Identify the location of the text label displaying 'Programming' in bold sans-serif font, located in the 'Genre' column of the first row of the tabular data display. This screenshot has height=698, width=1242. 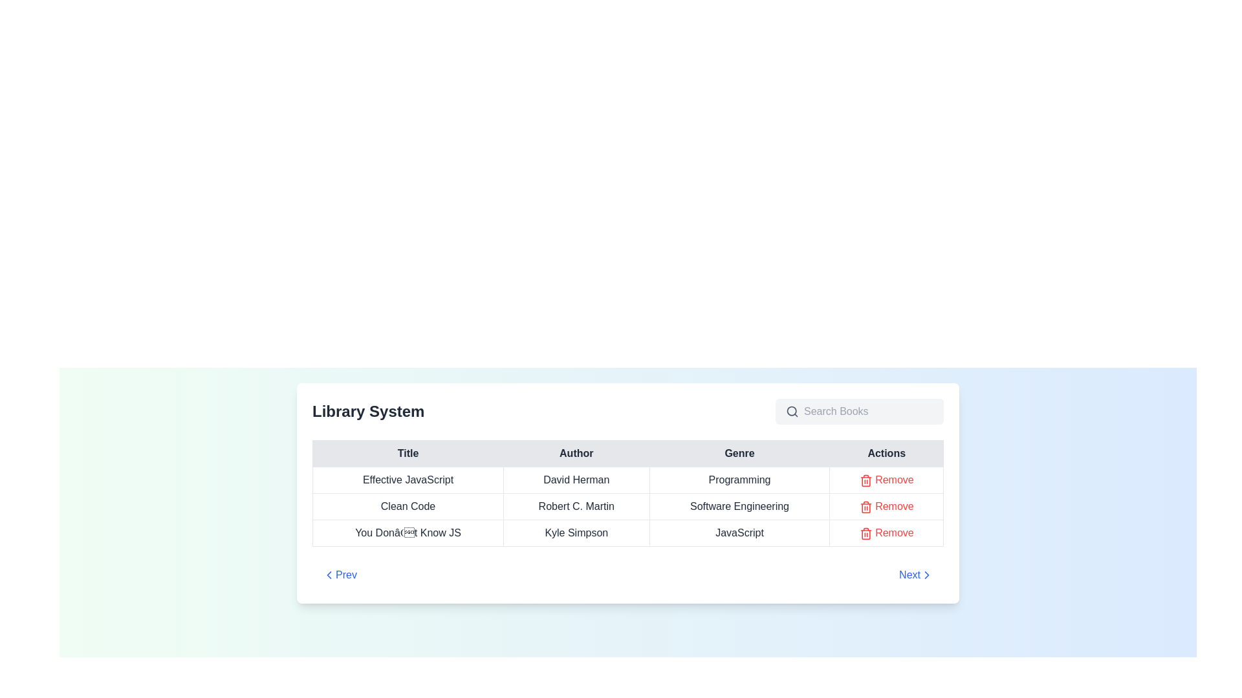
(739, 480).